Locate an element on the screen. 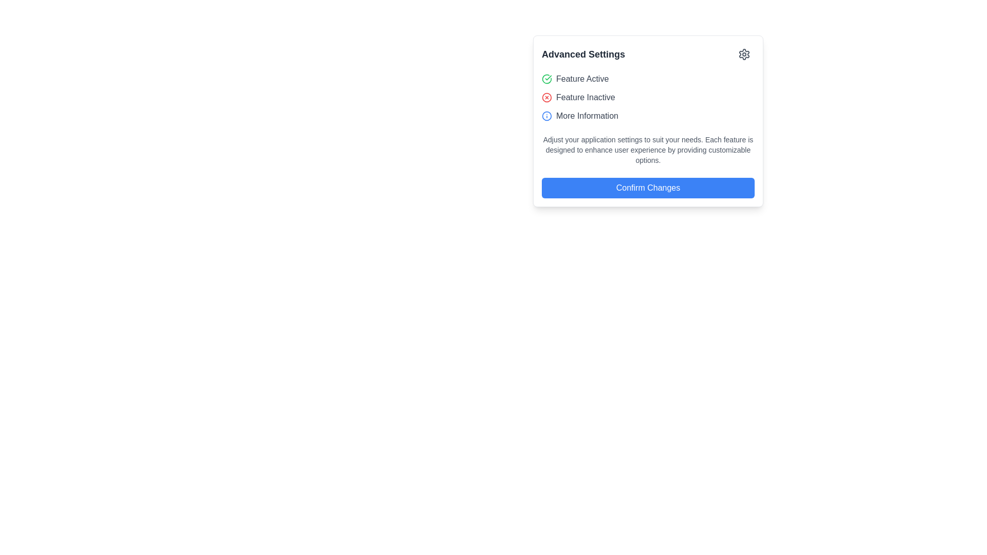 This screenshot has height=555, width=987. the text label displaying 'Feature Active', which is styled in gray and located to the right of a green circular checkmark icon in the 'Advanced Settings' modal is located at coordinates (582, 79).